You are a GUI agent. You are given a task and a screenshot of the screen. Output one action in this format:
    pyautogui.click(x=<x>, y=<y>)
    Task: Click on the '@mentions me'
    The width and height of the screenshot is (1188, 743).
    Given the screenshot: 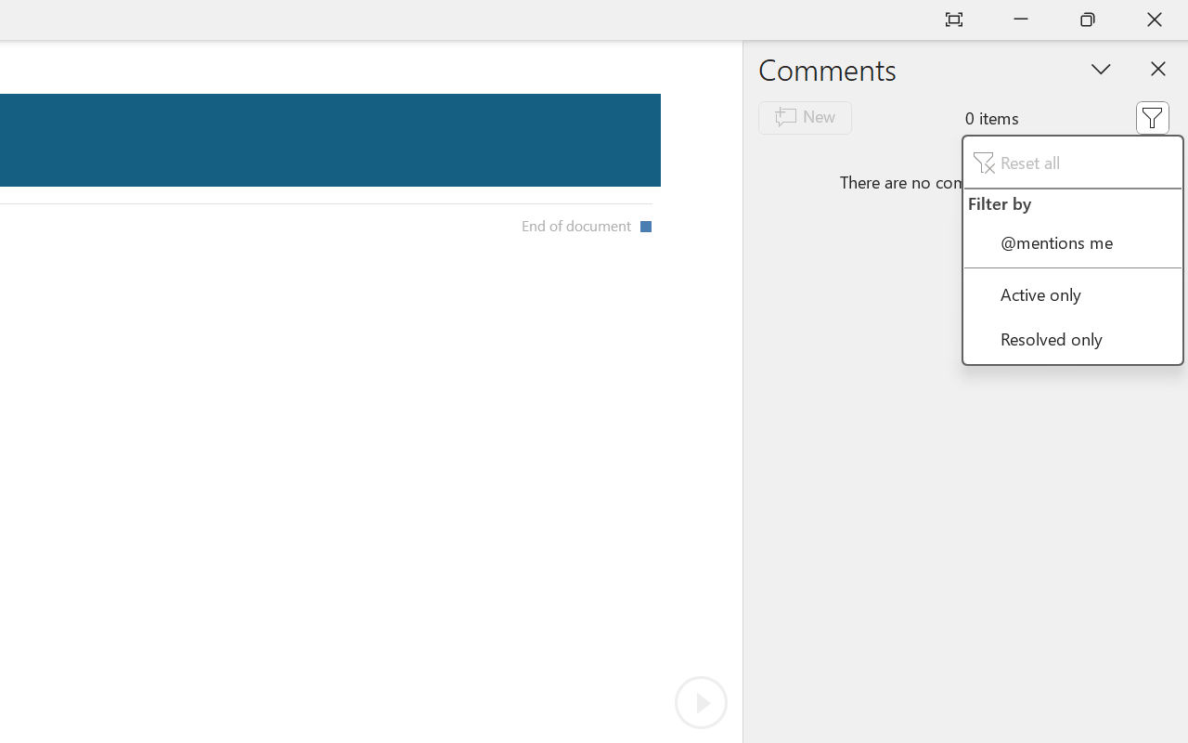 What is the action you would take?
    pyautogui.click(x=1072, y=241)
    